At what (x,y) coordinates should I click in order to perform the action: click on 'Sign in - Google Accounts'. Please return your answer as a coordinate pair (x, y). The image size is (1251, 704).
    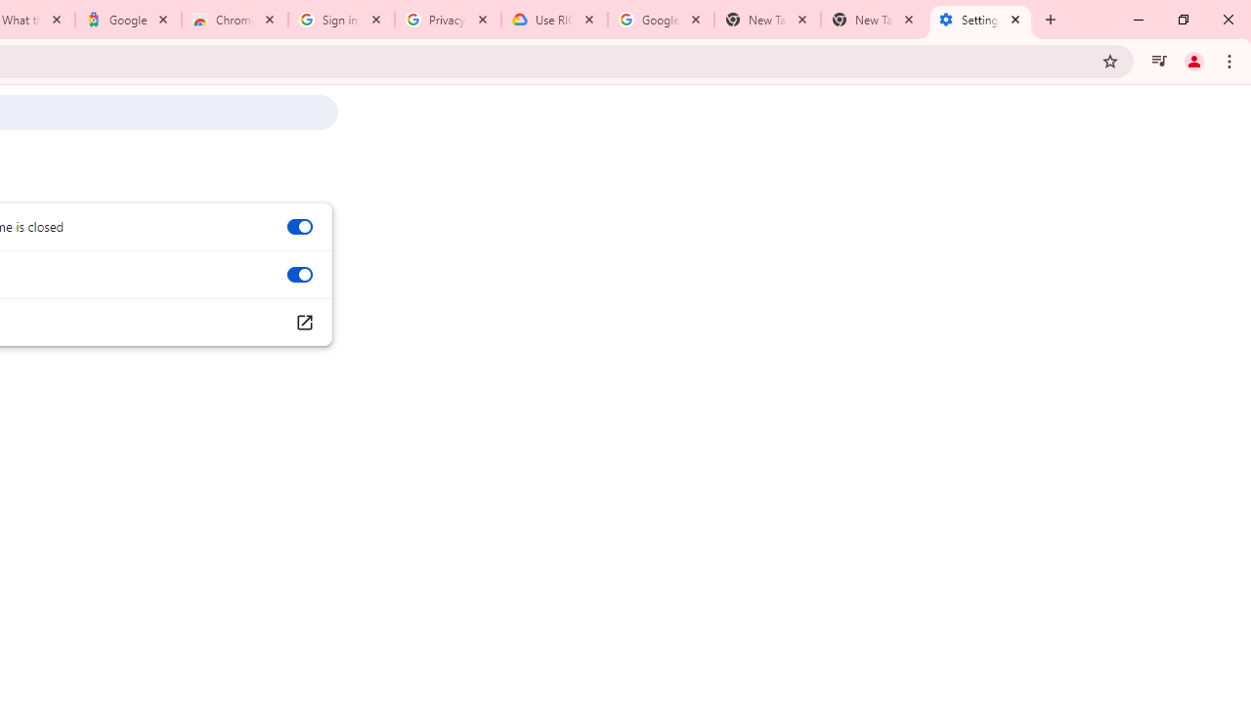
    Looking at the image, I should click on (341, 20).